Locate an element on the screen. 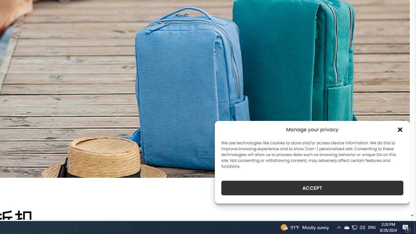  'ACCEPT' is located at coordinates (312, 188).